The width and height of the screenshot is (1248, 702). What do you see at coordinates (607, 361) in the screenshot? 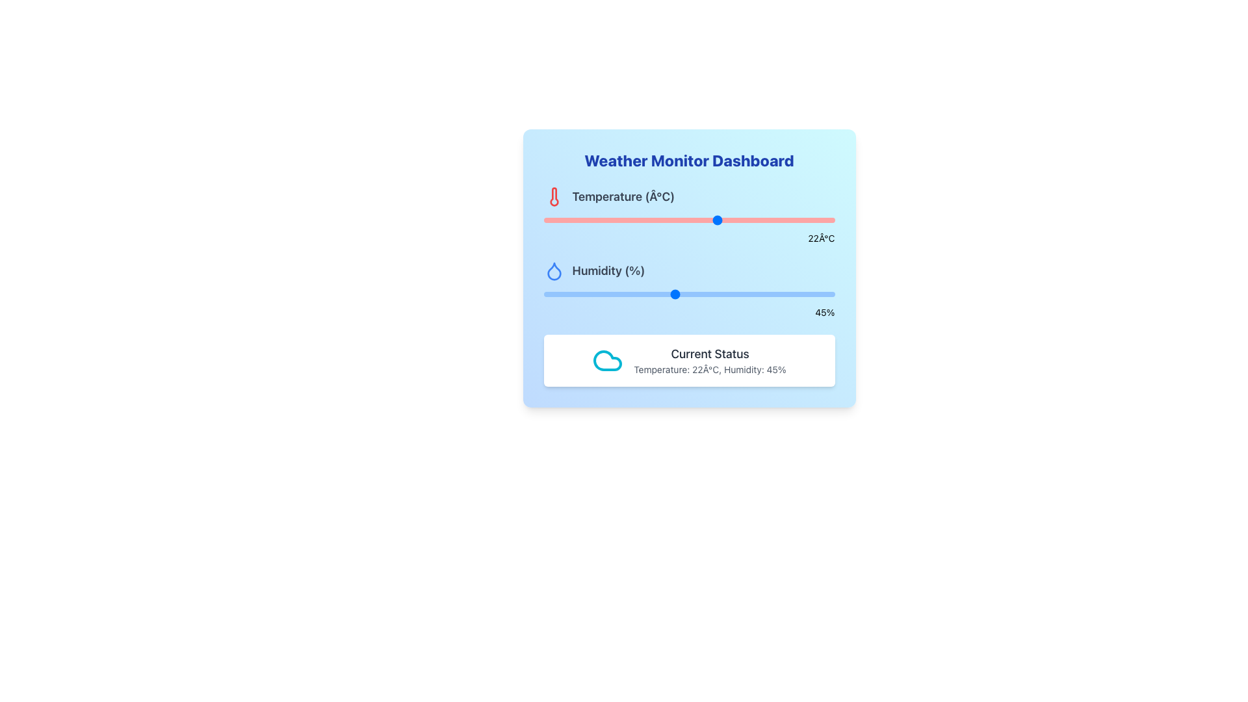
I see `the weather icon located at the bottom of the dashboard next to the label 'Current Status'` at bounding box center [607, 361].